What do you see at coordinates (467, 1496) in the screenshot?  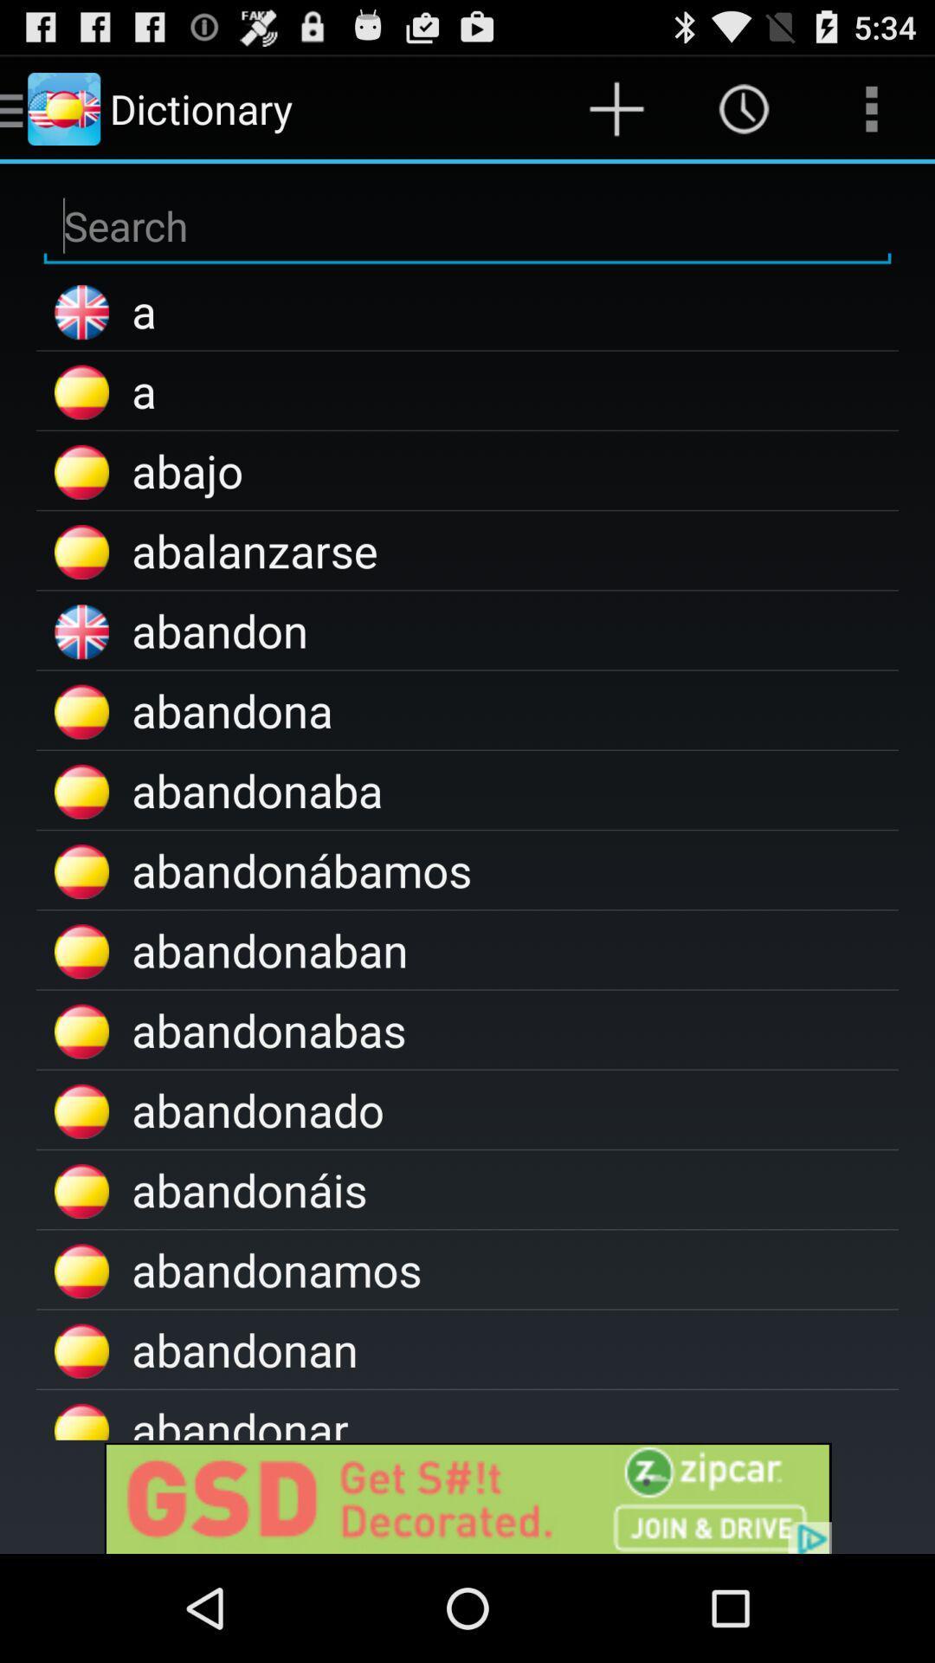 I see `open the advertisement` at bounding box center [467, 1496].